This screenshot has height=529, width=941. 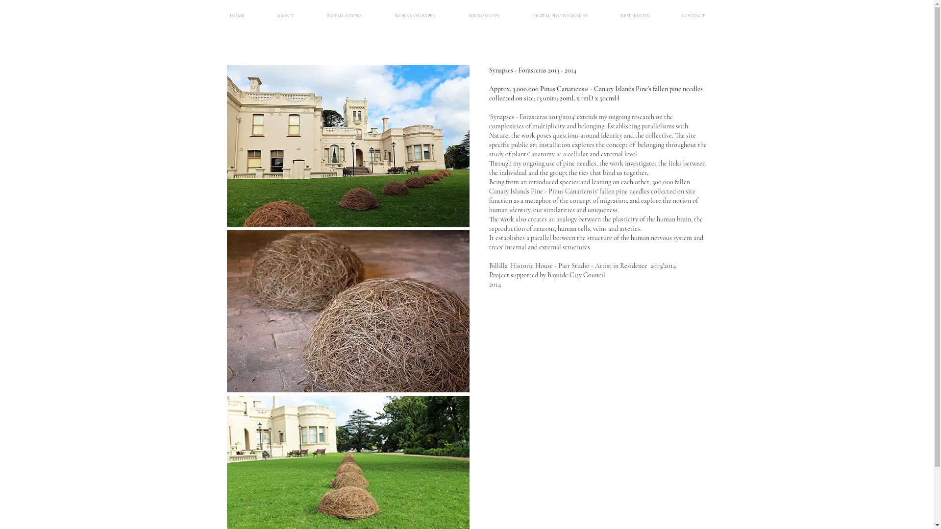 What do you see at coordinates (285, 15) in the screenshot?
I see `'ABOUT'` at bounding box center [285, 15].